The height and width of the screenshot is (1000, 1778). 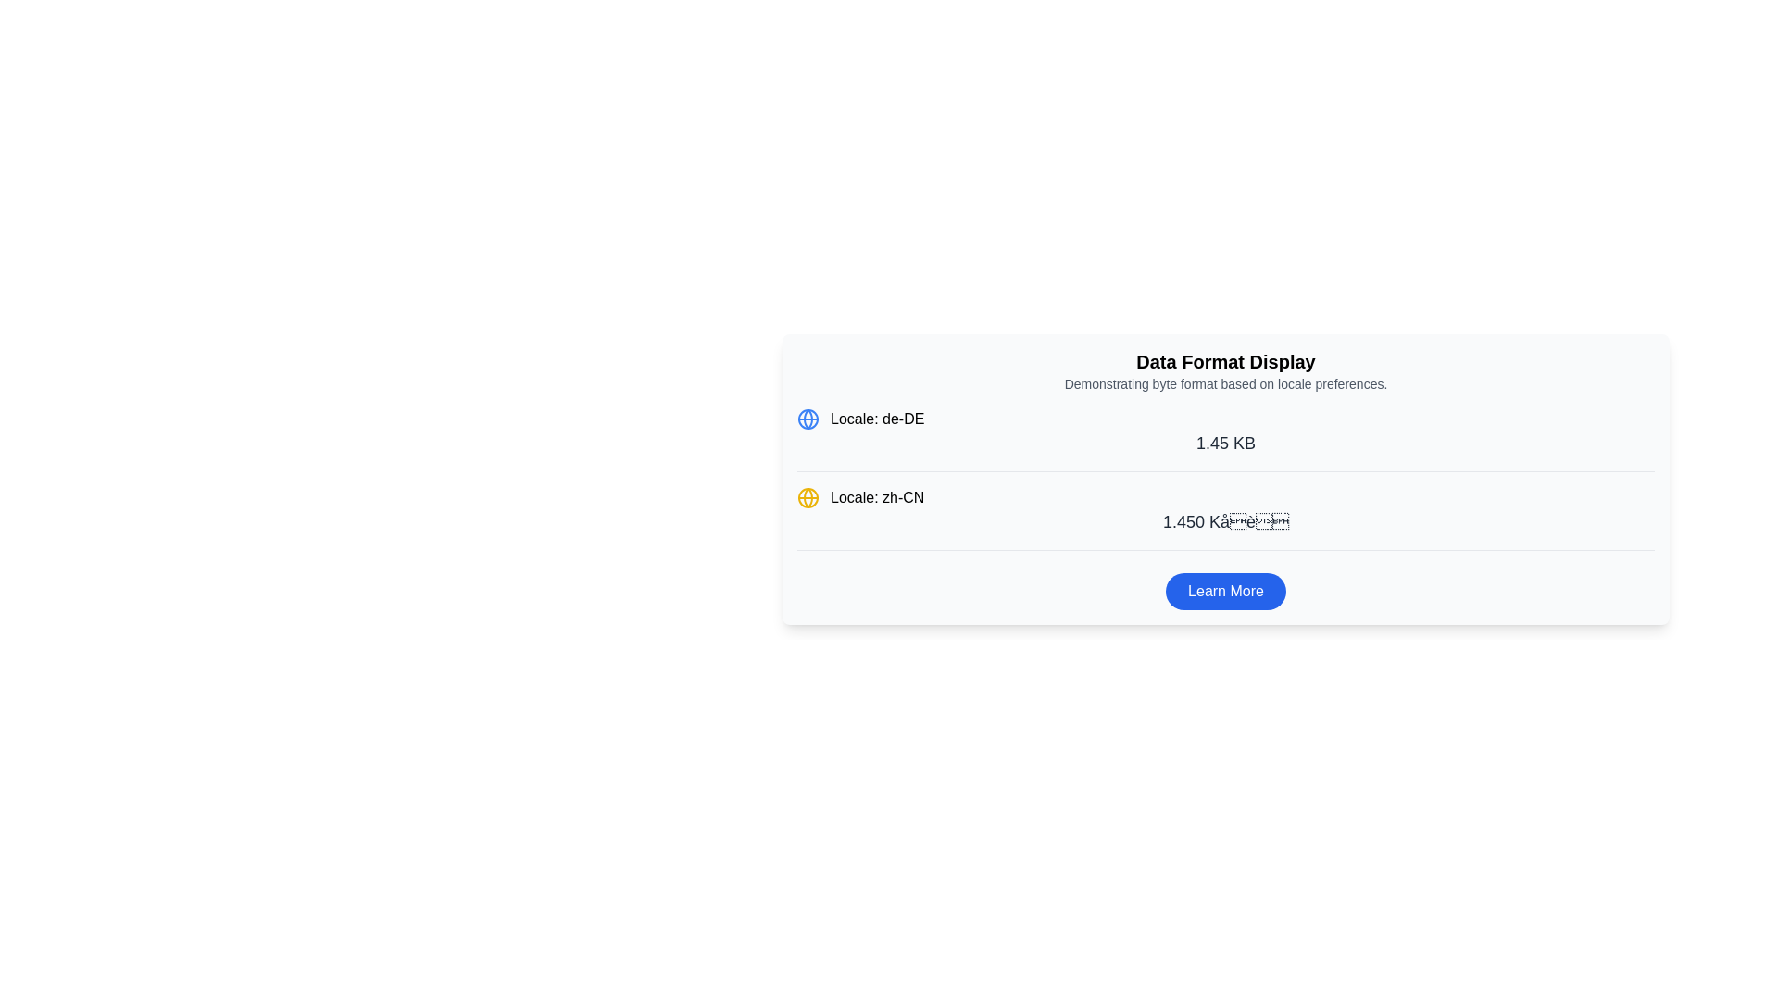 What do you see at coordinates (1226, 361) in the screenshot?
I see `the section heading text label that introduces or categorizes the content displayed below it in the card` at bounding box center [1226, 361].